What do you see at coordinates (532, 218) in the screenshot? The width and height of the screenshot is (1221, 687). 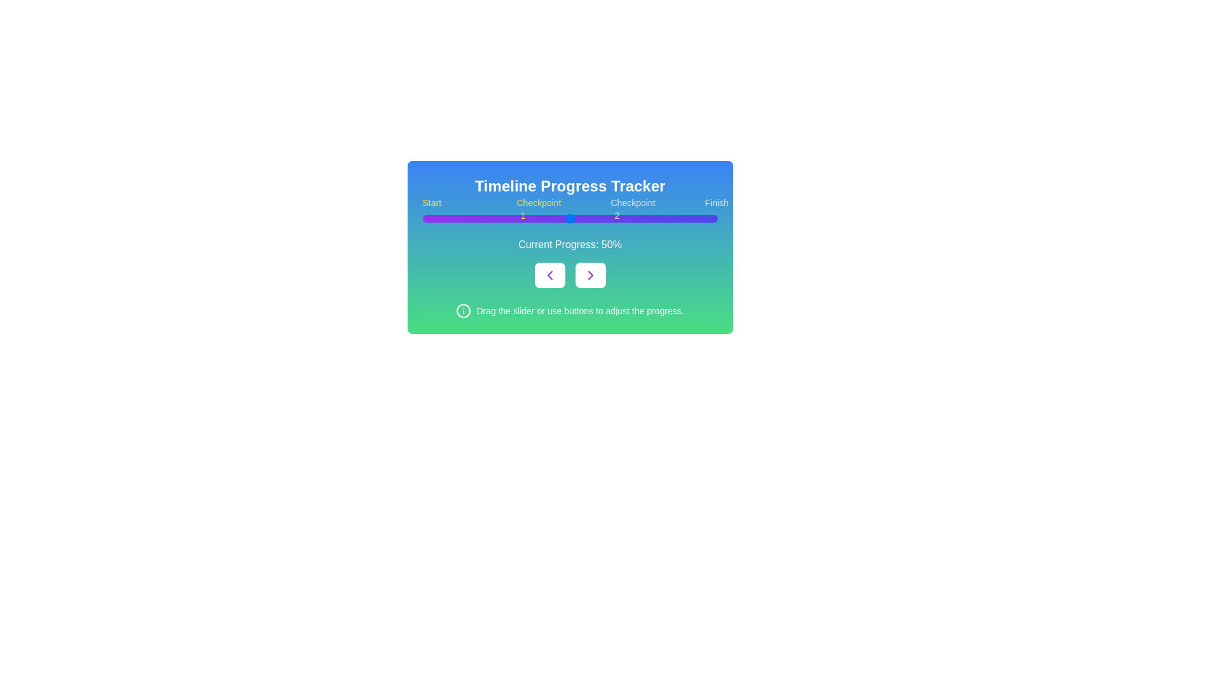 I see `the progress` at bounding box center [532, 218].